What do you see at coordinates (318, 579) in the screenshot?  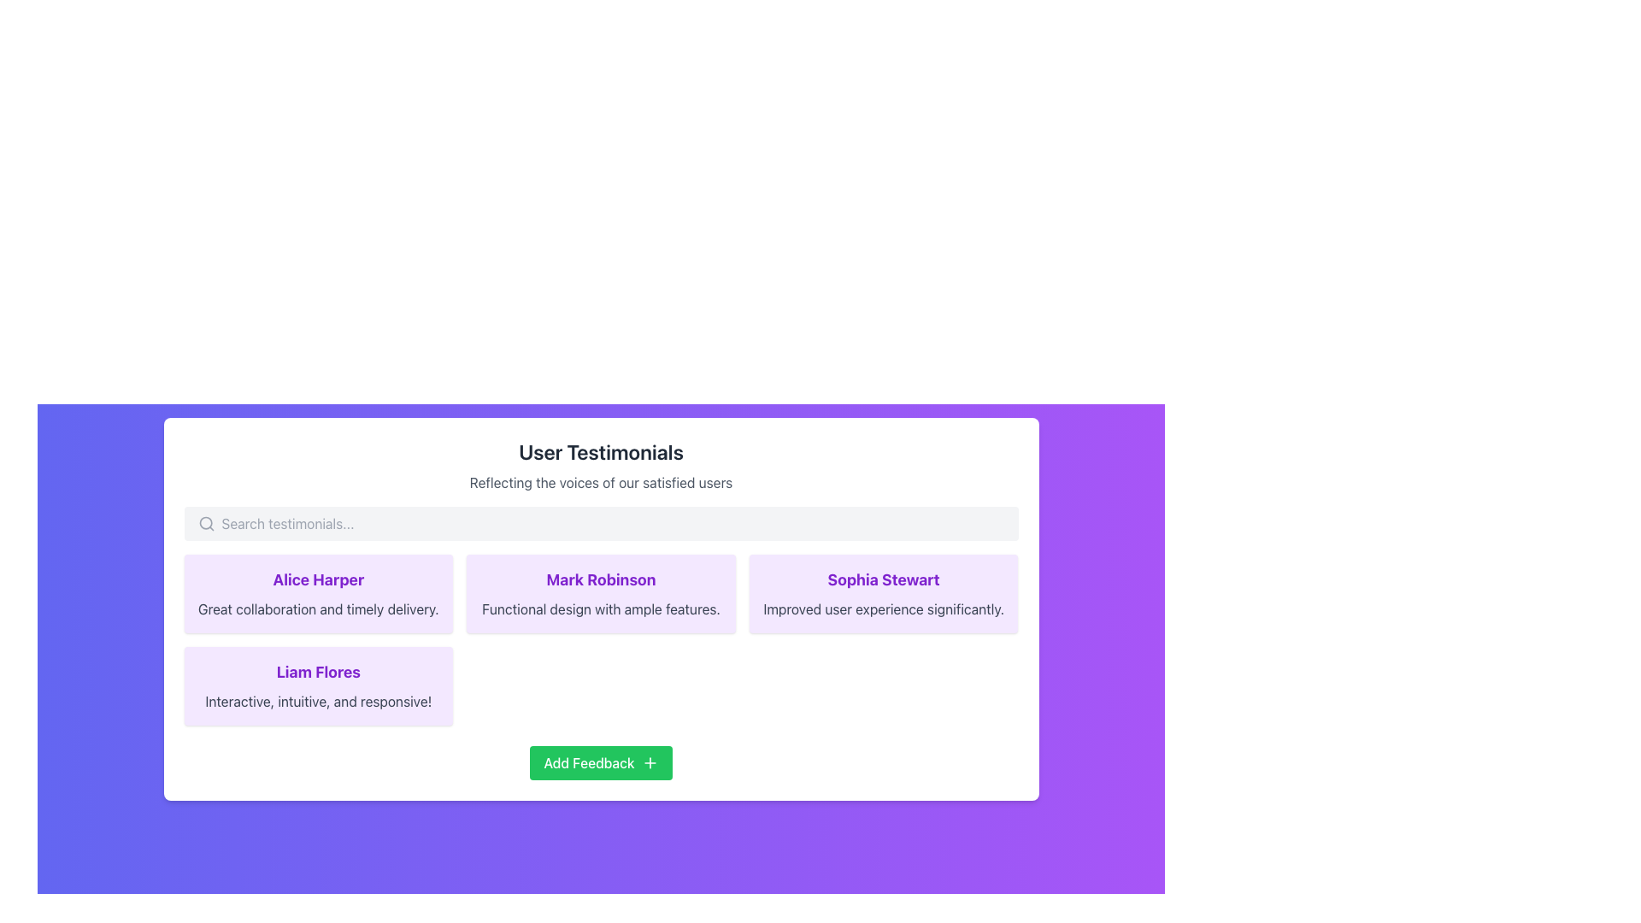 I see `the text label displaying 'Alice Harper' in bold, large, purple font, located at the top of the first testimonial card` at bounding box center [318, 579].